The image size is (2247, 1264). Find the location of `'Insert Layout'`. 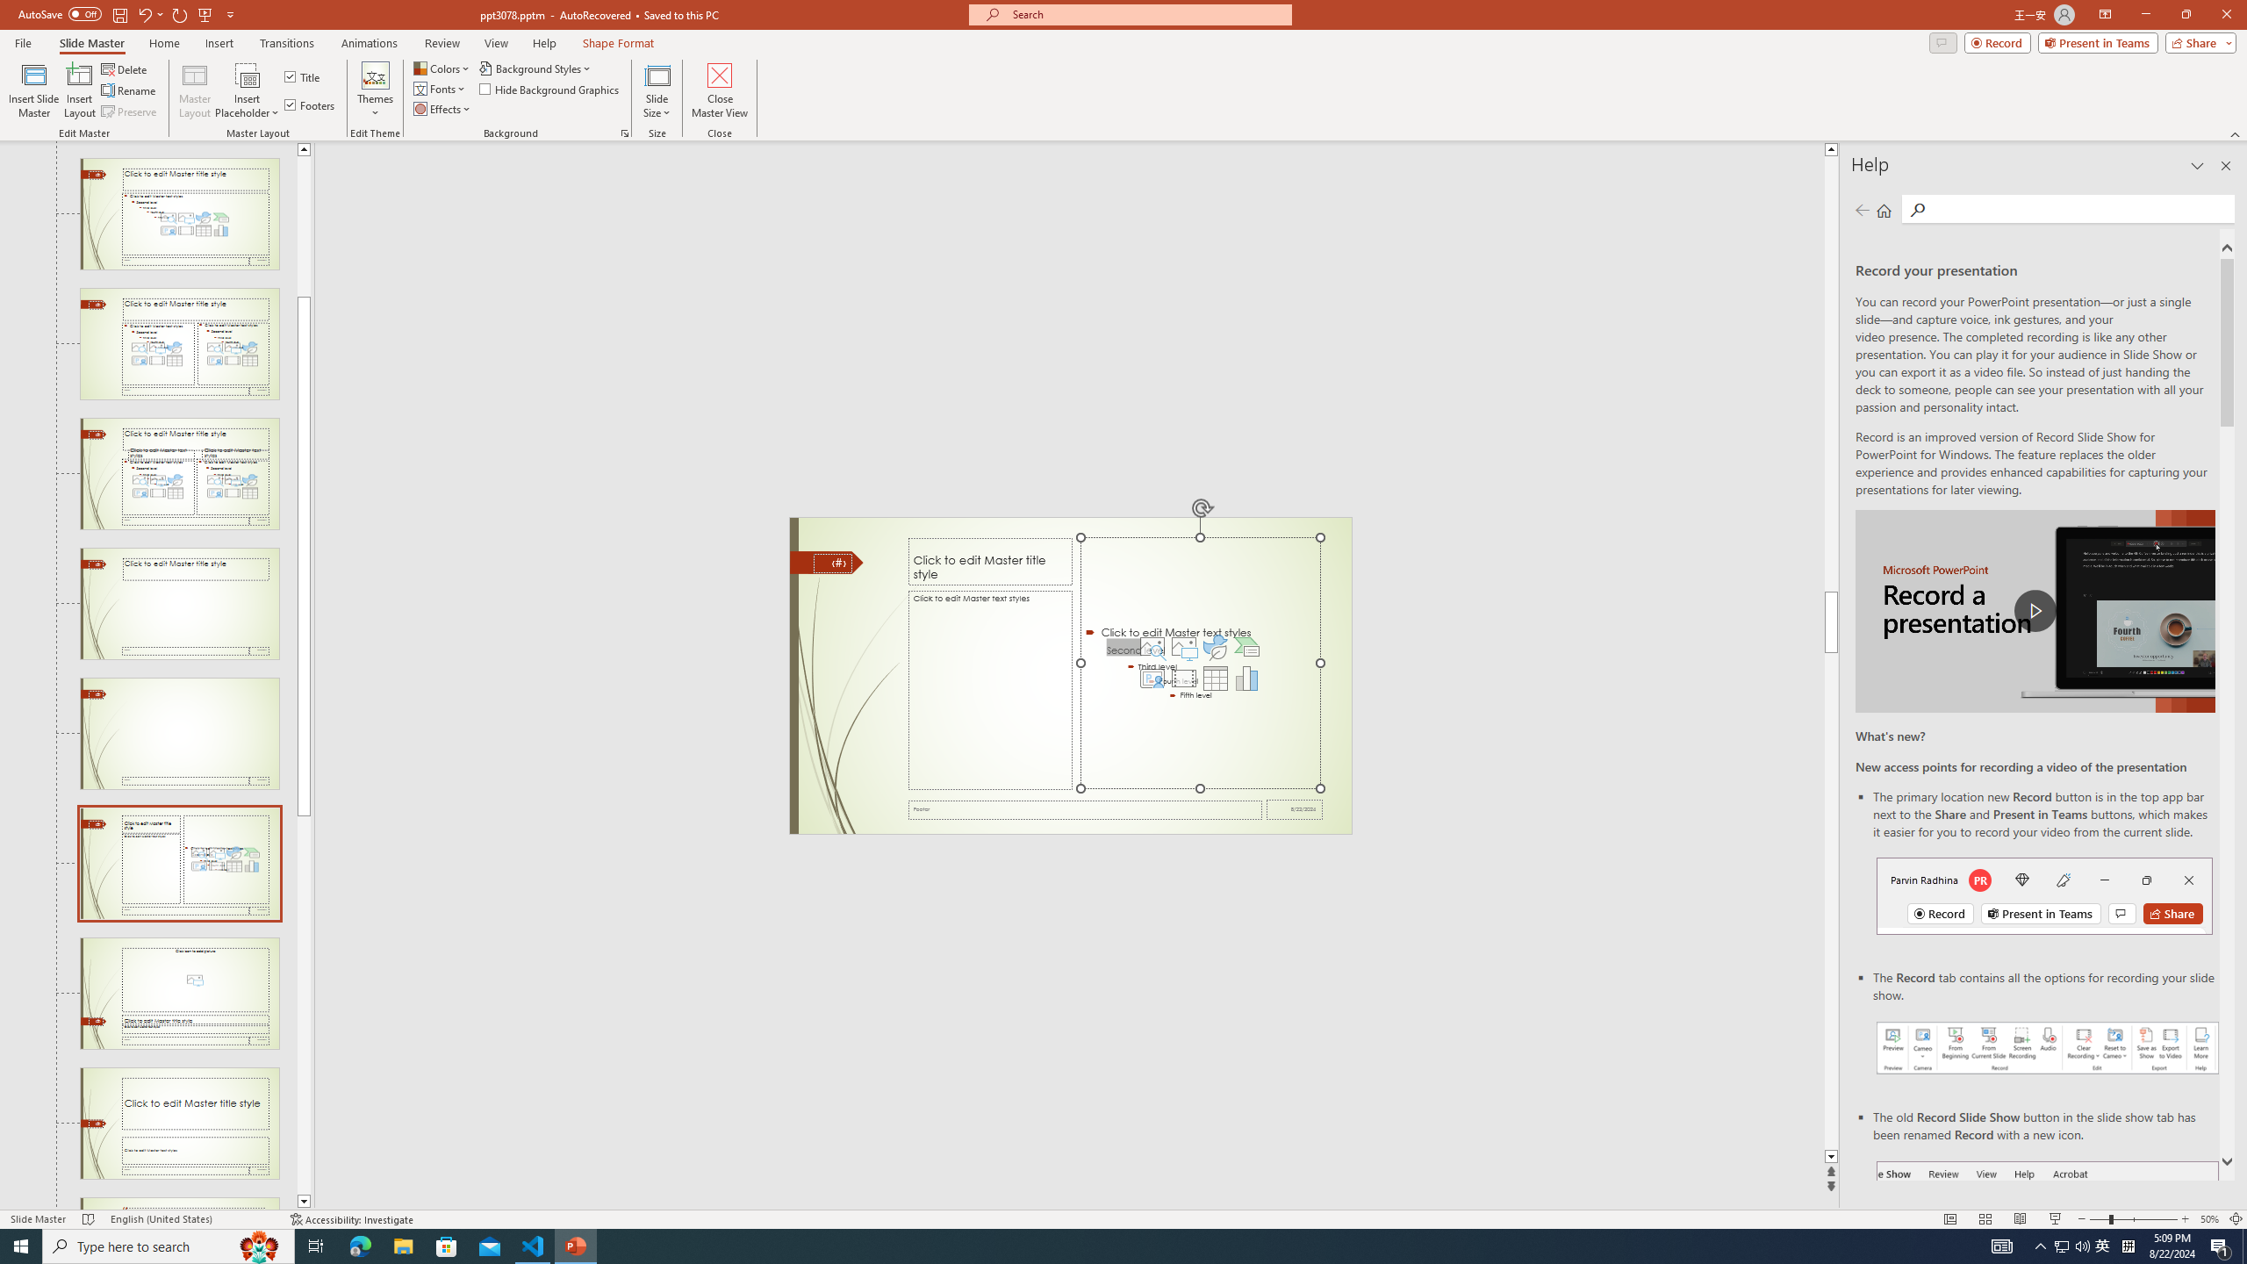

'Insert Layout' is located at coordinates (78, 90).